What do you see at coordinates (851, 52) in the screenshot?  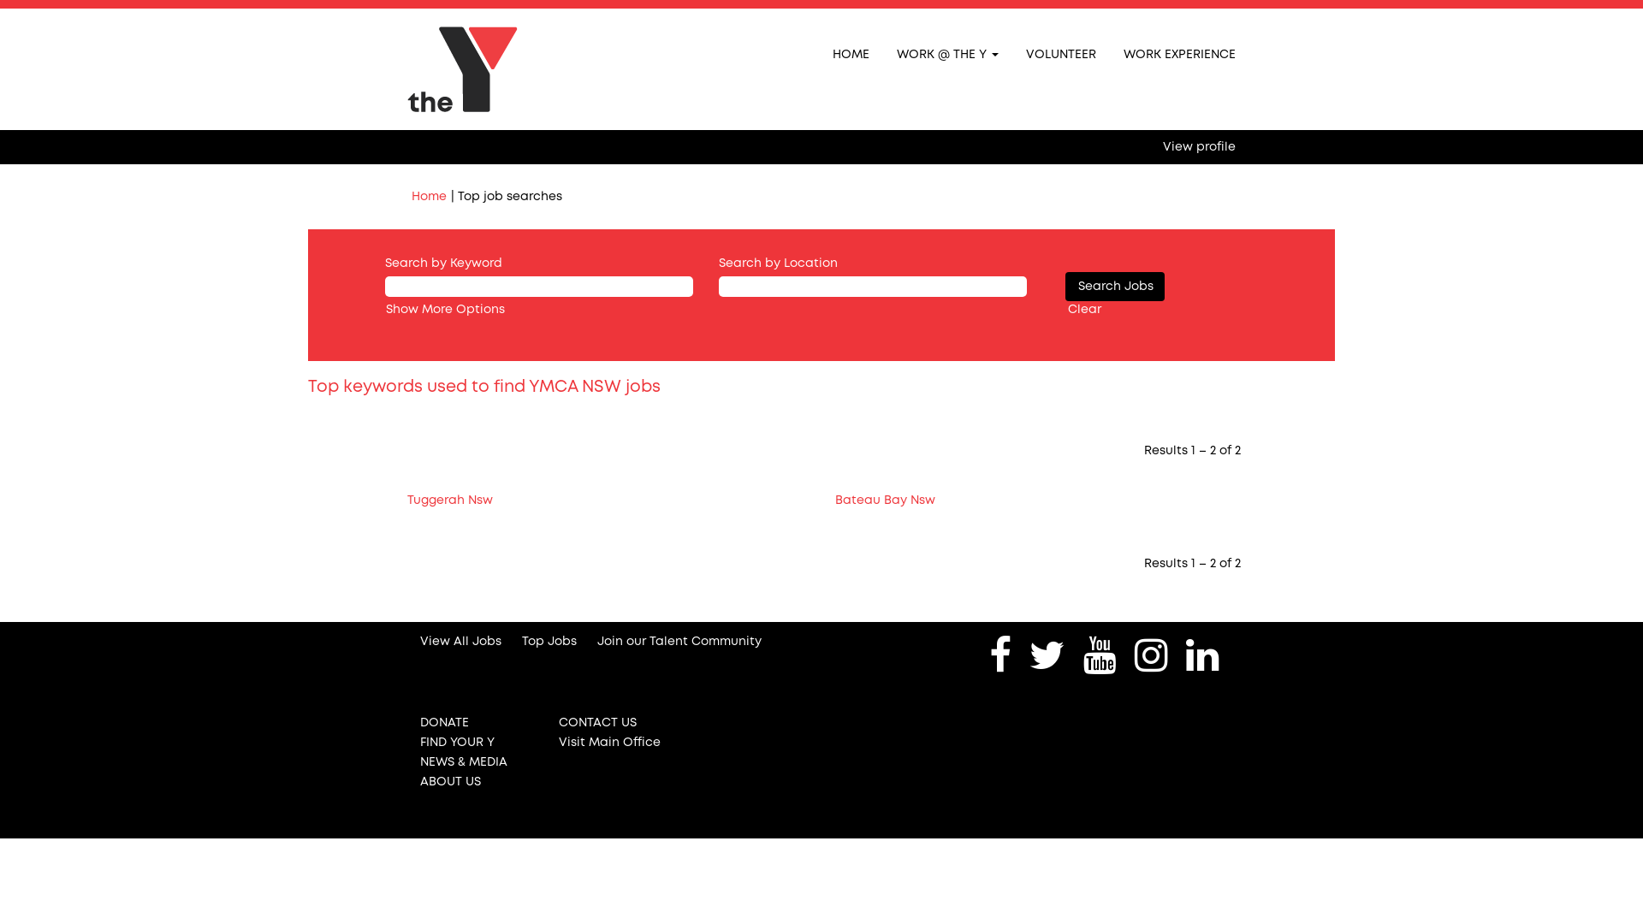 I see `'HOME'` at bounding box center [851, 52].